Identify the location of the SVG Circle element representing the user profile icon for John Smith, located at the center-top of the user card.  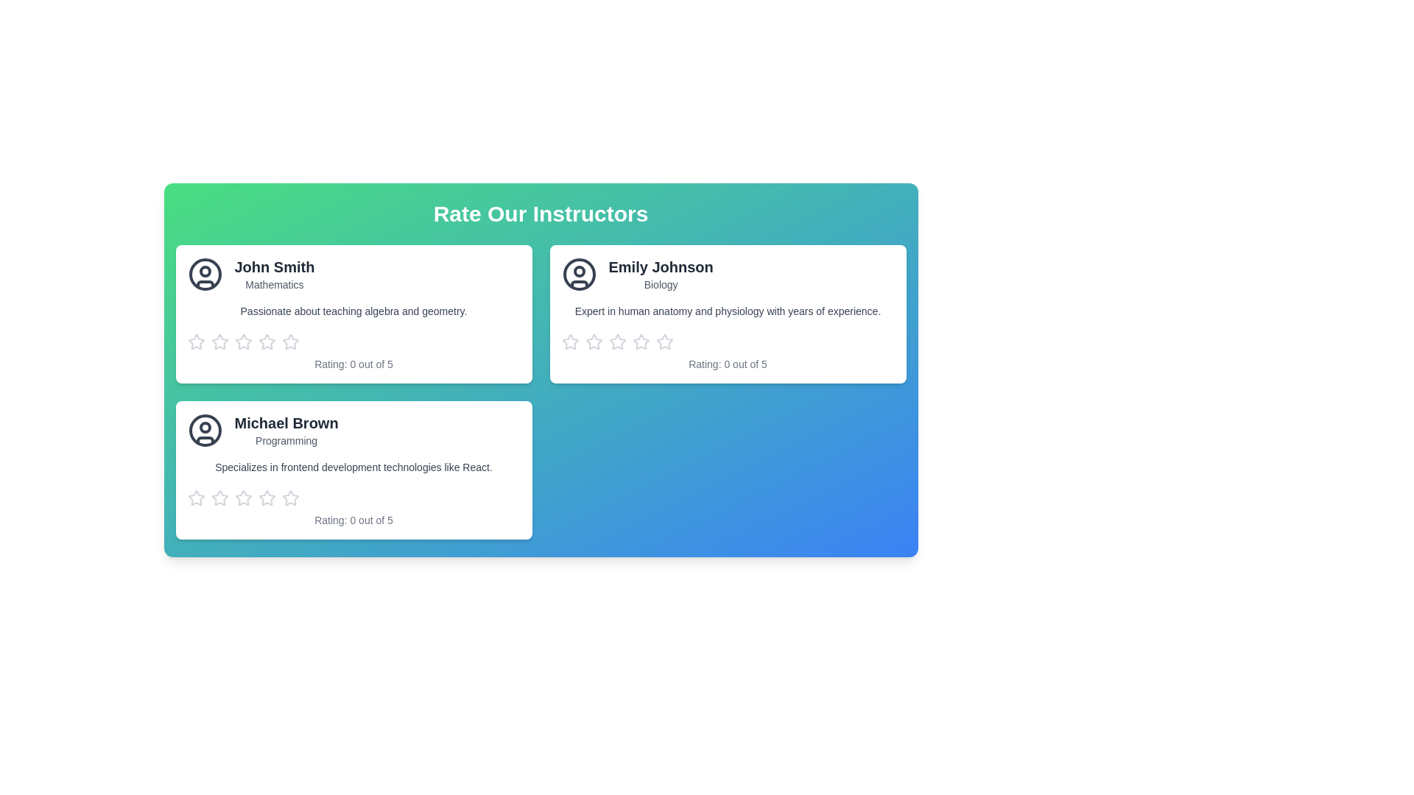
(204, 275).